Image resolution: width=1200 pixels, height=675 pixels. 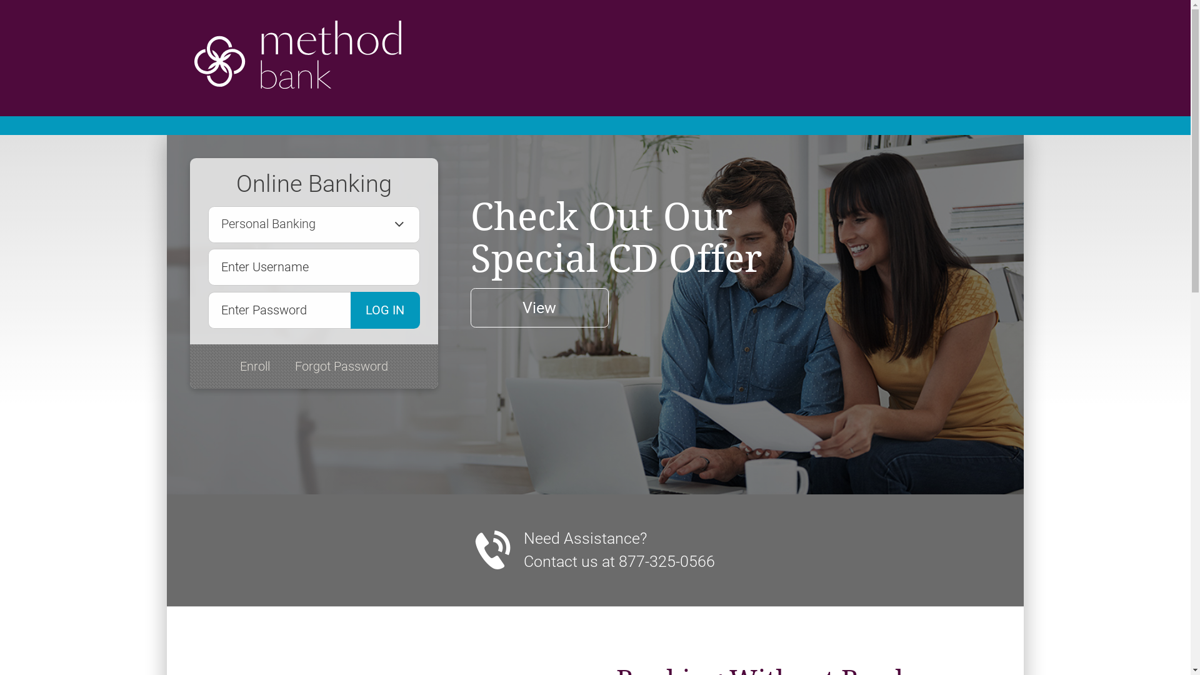 I want to click on 'Forgot Password', so click(x=341, y=366).